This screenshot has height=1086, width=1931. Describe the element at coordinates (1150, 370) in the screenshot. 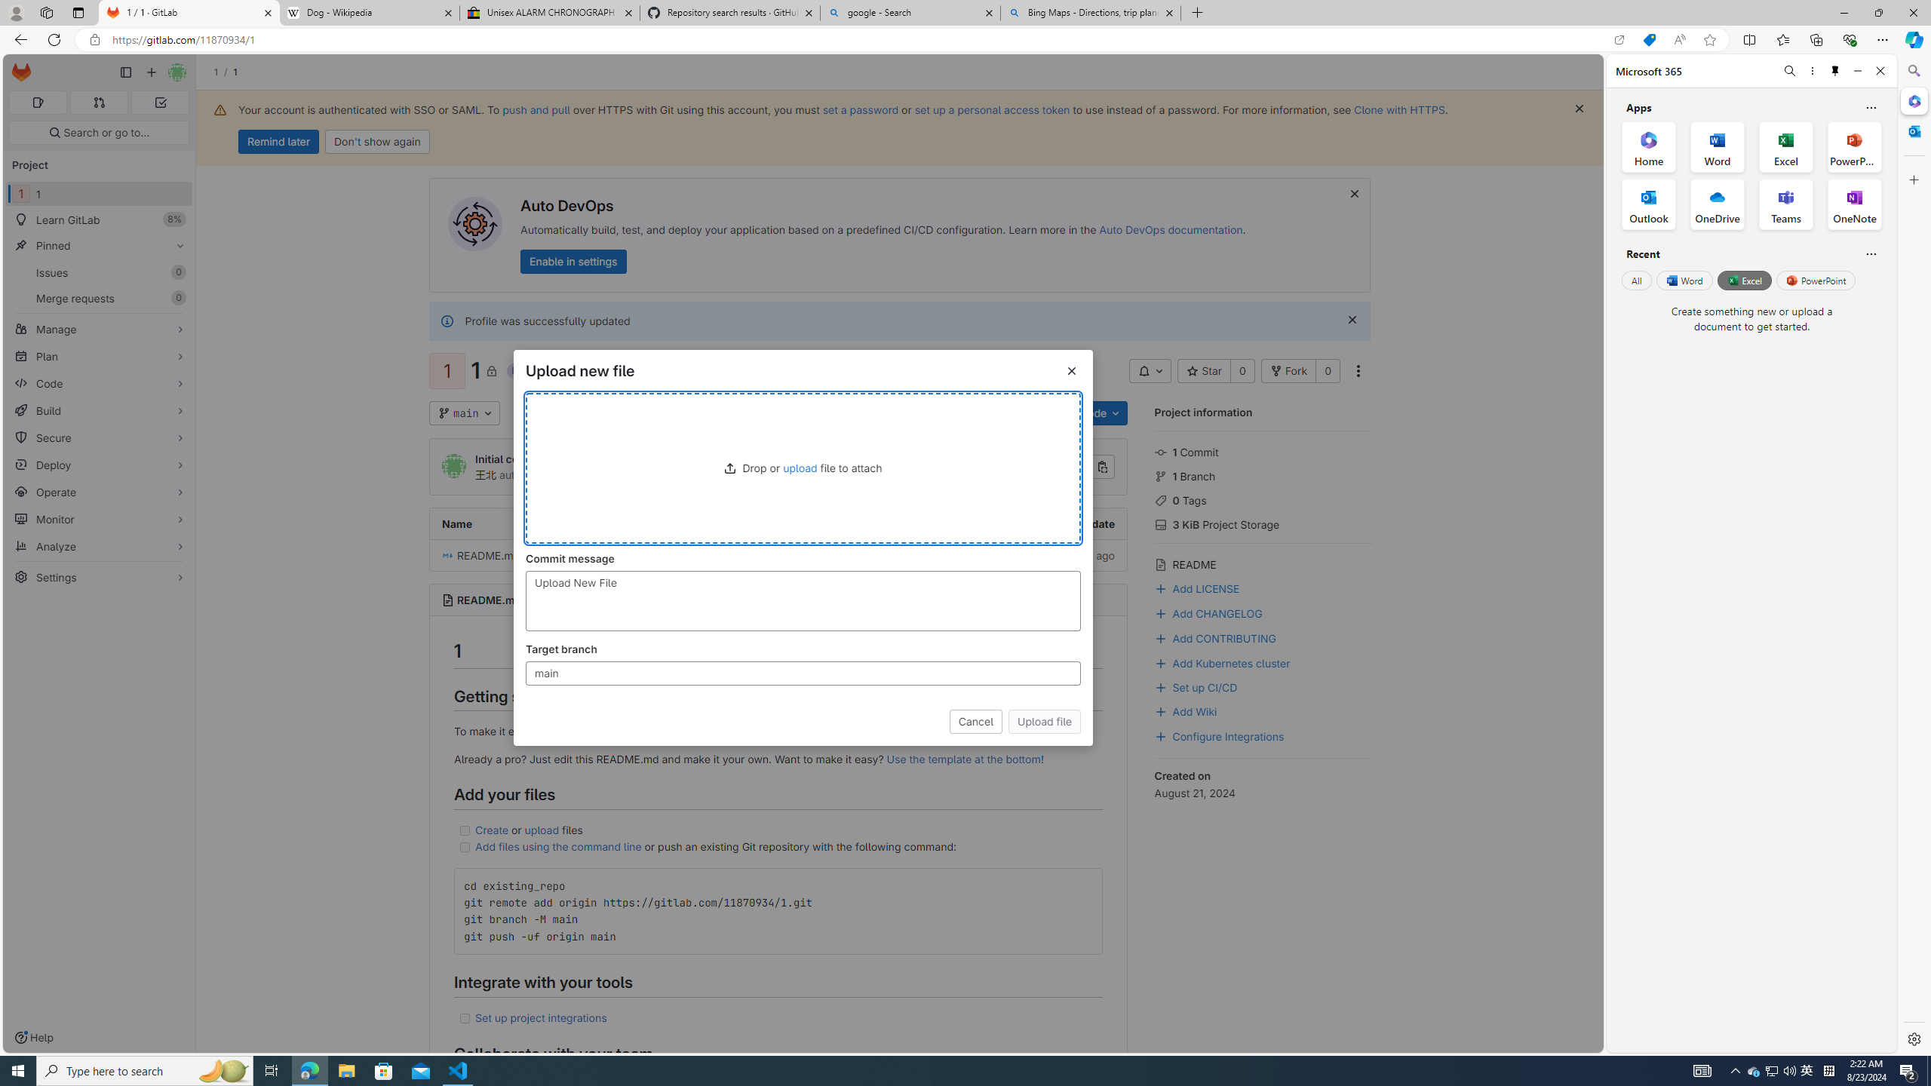

I see `'AutomationID: __BVID__498__BV_toggle_'` at that location.